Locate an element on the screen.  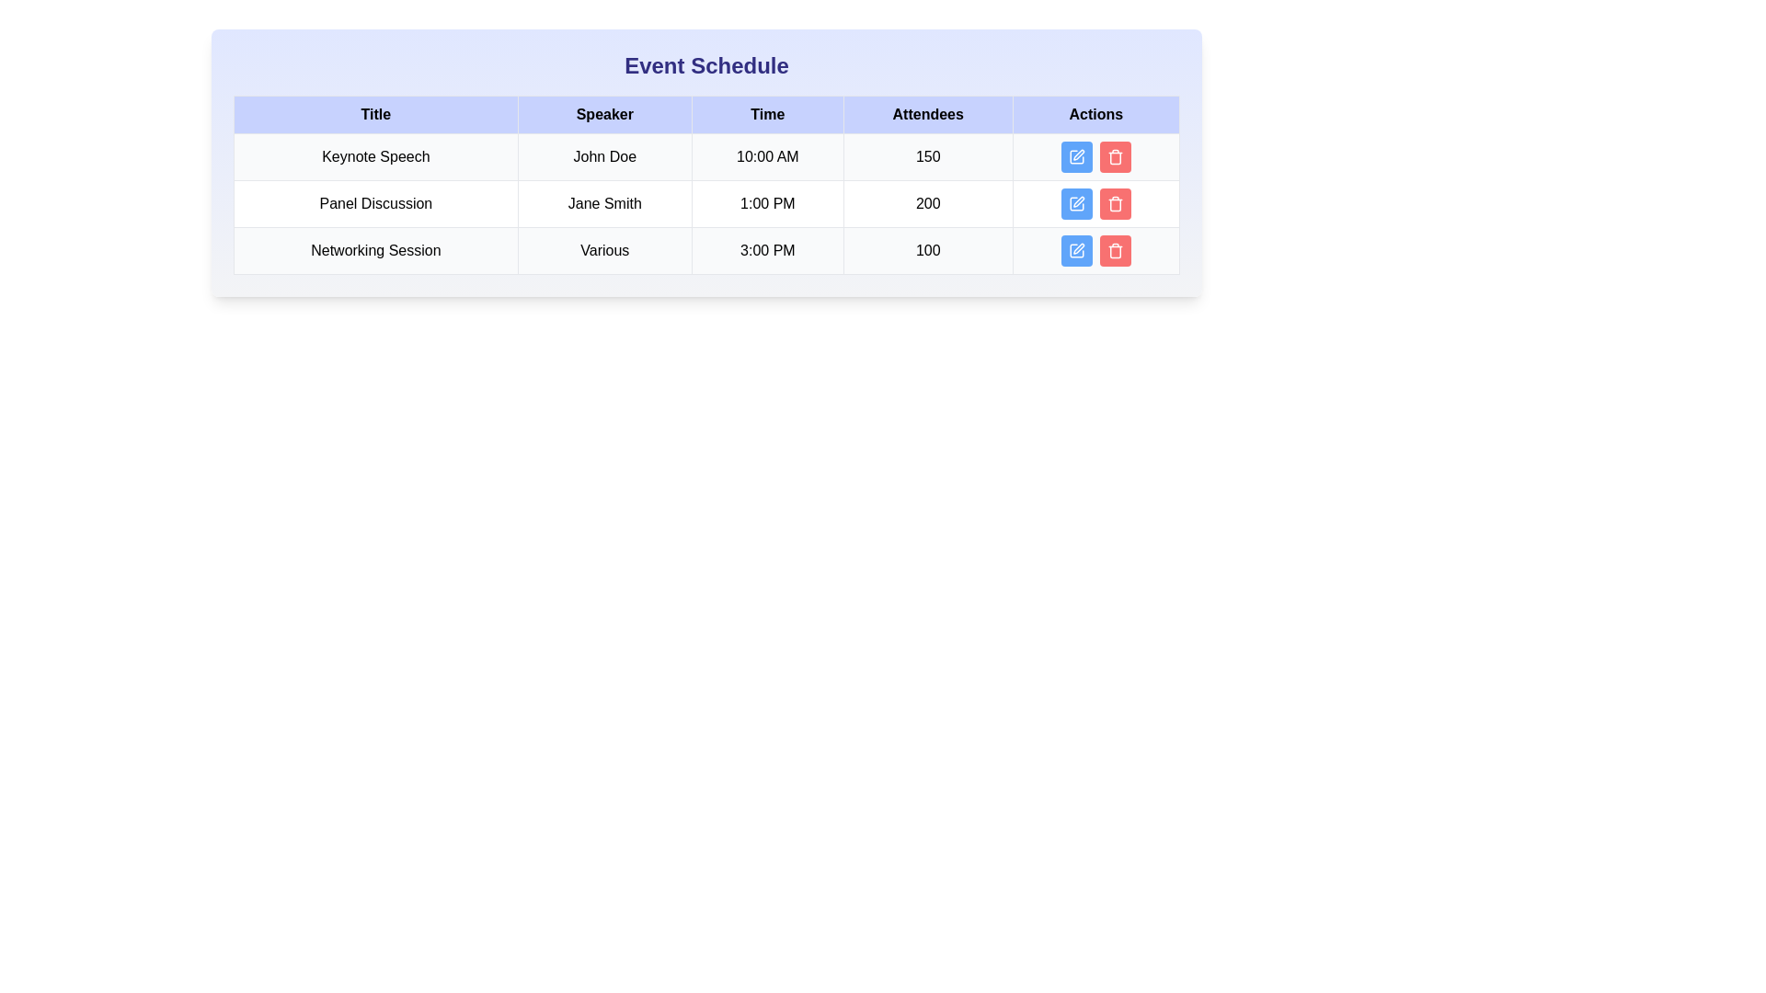
delete button for the event titled Networking Session is located at coordinates (1114, 251).